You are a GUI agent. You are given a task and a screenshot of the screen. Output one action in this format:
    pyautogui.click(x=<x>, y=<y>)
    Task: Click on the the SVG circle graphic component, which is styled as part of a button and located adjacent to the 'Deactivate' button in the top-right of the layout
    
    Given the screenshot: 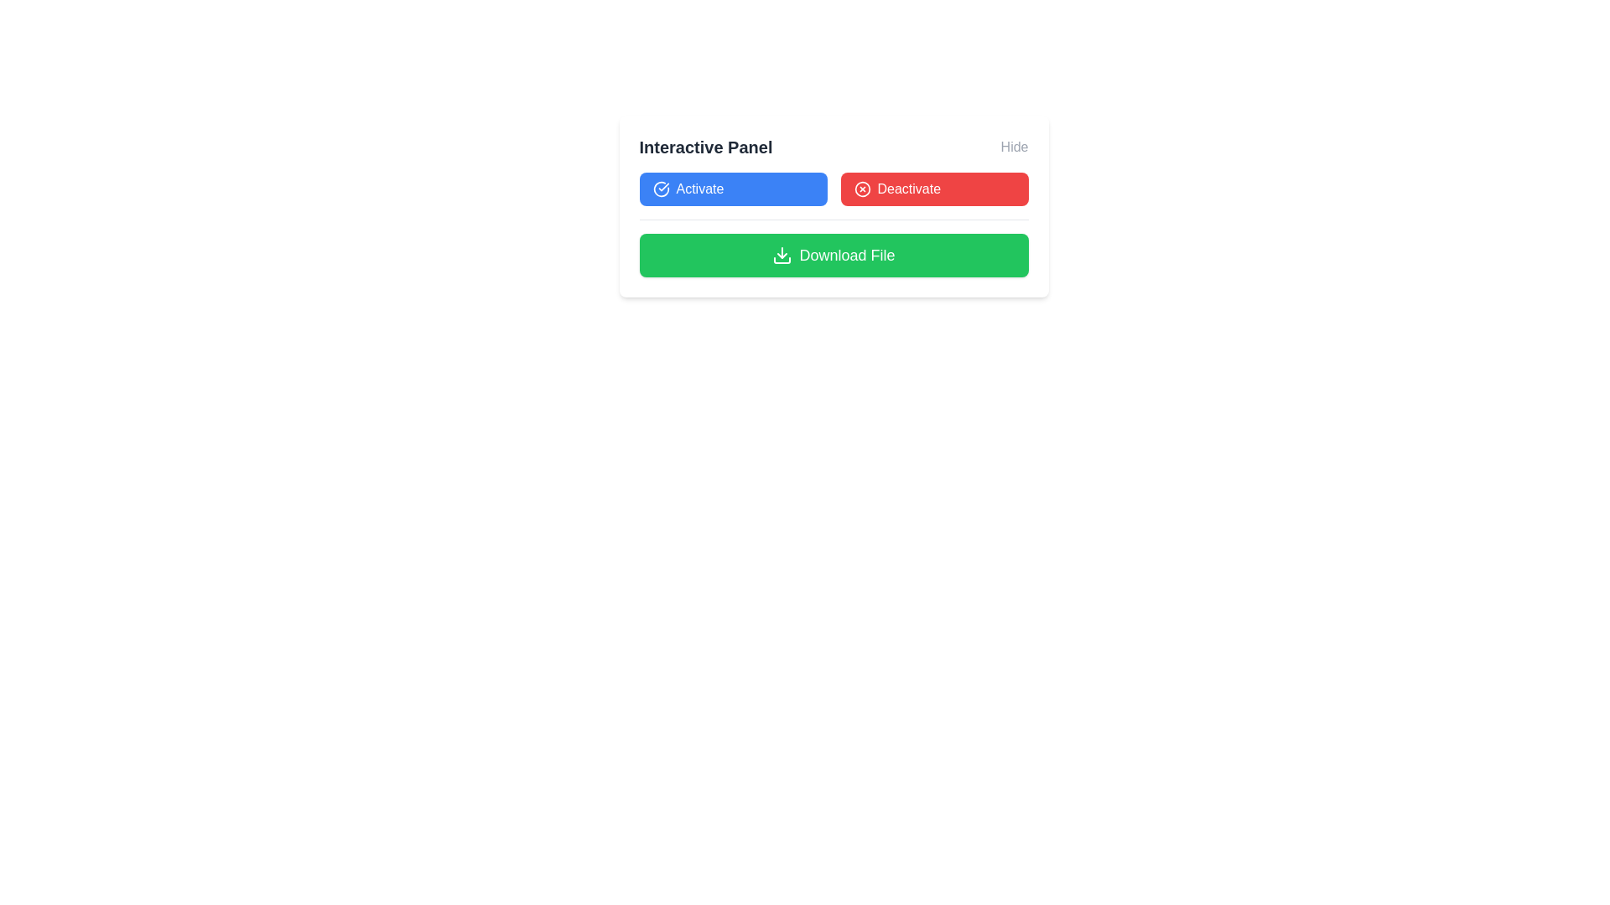 What is the action you would take?
    pyautogui.click(x=862, y=189)
    